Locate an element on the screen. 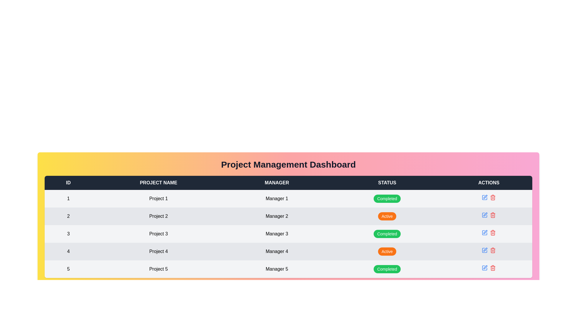 This screenshot has width=564, height=317. the delete button located in the 'Actions' column of the last row in the table to initiate a deletion action is located at coordinates (493, 250).